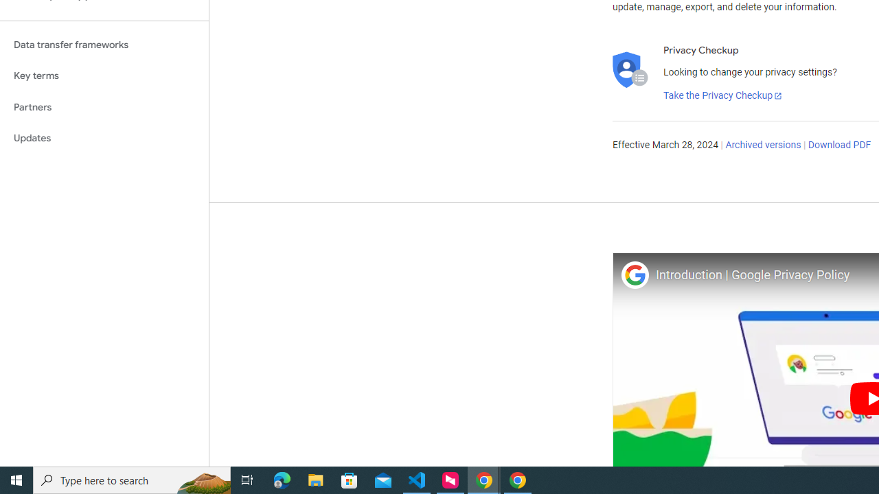 The image size is (879, 494). I want to click on 'Data transfer frameworks', so click(104, 44).